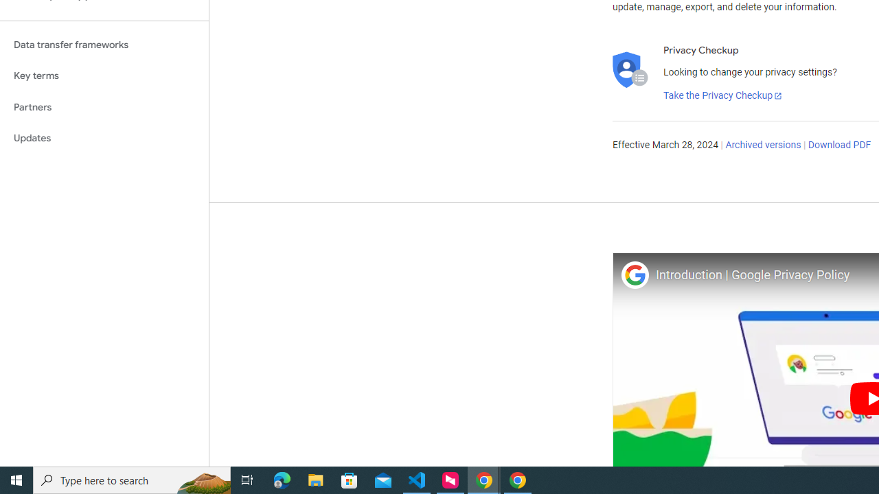 The image size is (879, 494). I want to click on 'Data transfer frameworks', so click(104, 44).